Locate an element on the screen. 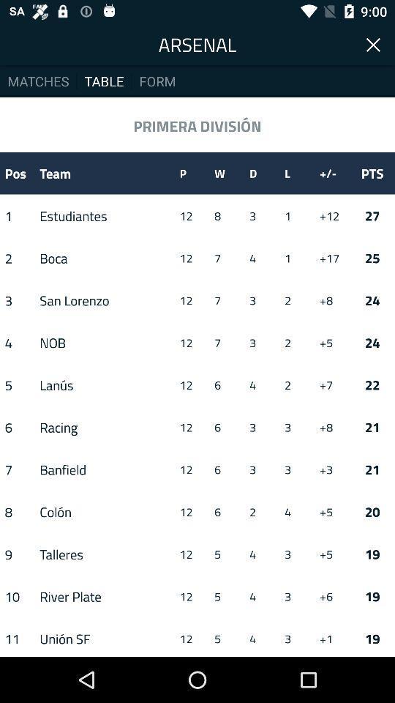  item below arsenal item is located at coordinates (157, 81).